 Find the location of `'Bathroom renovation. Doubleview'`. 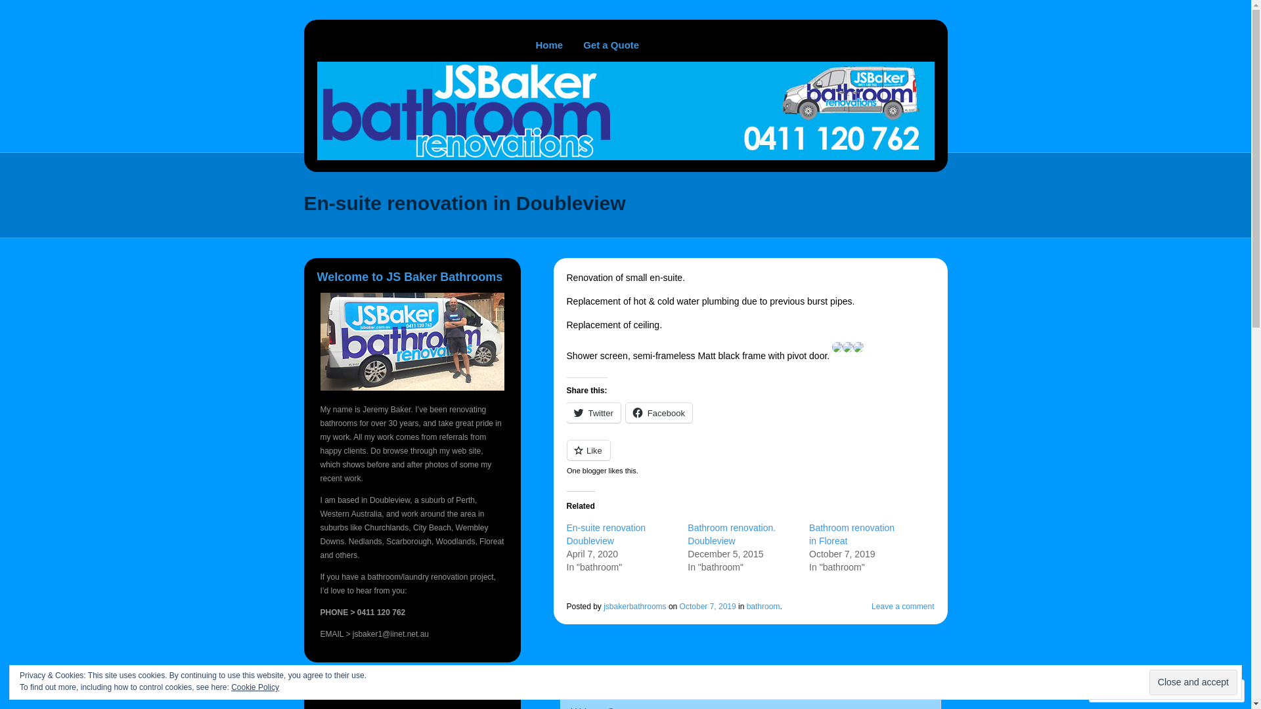

'Bathroom renovation. Doubleview' is located at coordinates (730, 534).